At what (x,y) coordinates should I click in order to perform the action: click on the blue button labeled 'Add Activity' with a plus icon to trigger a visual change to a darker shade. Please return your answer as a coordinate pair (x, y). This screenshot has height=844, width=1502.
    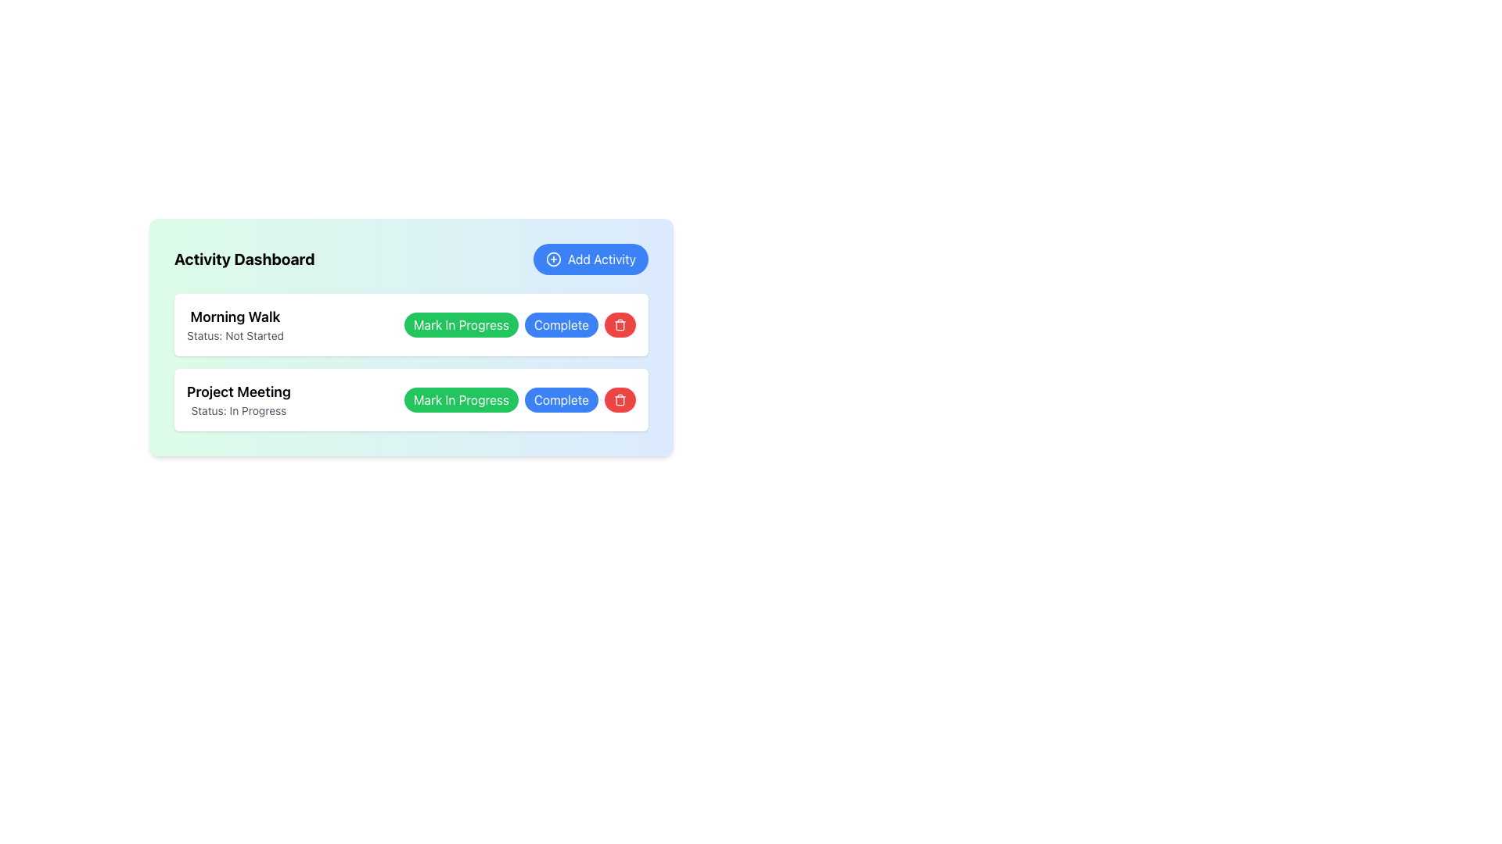
    Looking at the image, I should click on (590, 258).